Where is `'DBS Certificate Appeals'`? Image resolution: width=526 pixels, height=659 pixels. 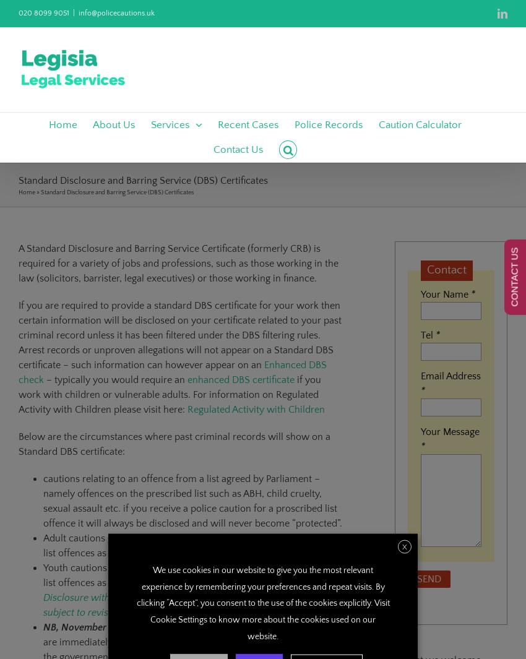 'DBS Certificate Appeals' is located at coordinates (340, 288).